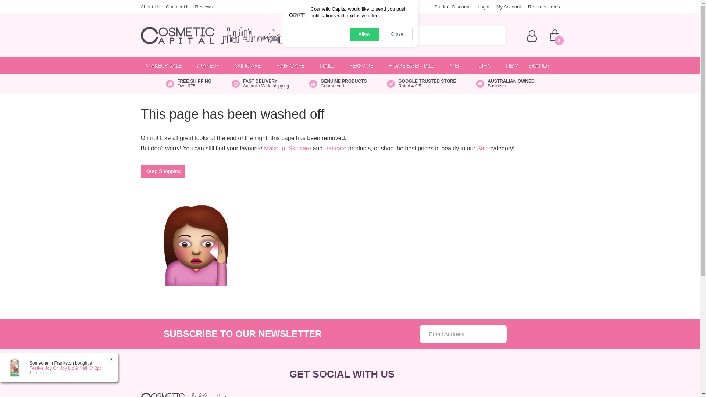 This screenshot has width=706, height=397. I want to click on 'PERFUME', so click(364, 65).